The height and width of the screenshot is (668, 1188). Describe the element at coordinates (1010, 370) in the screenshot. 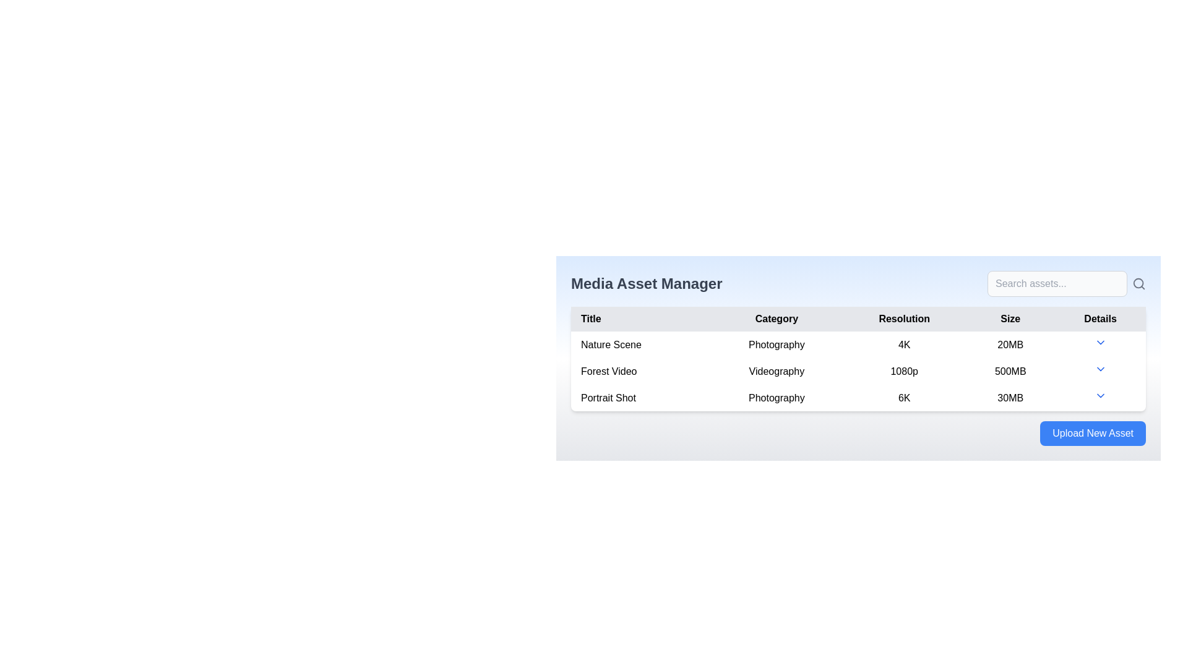

I see `file size label for the 'Forest Video' entry located in the 'Size' column of the second row in the asset manager` at that location.